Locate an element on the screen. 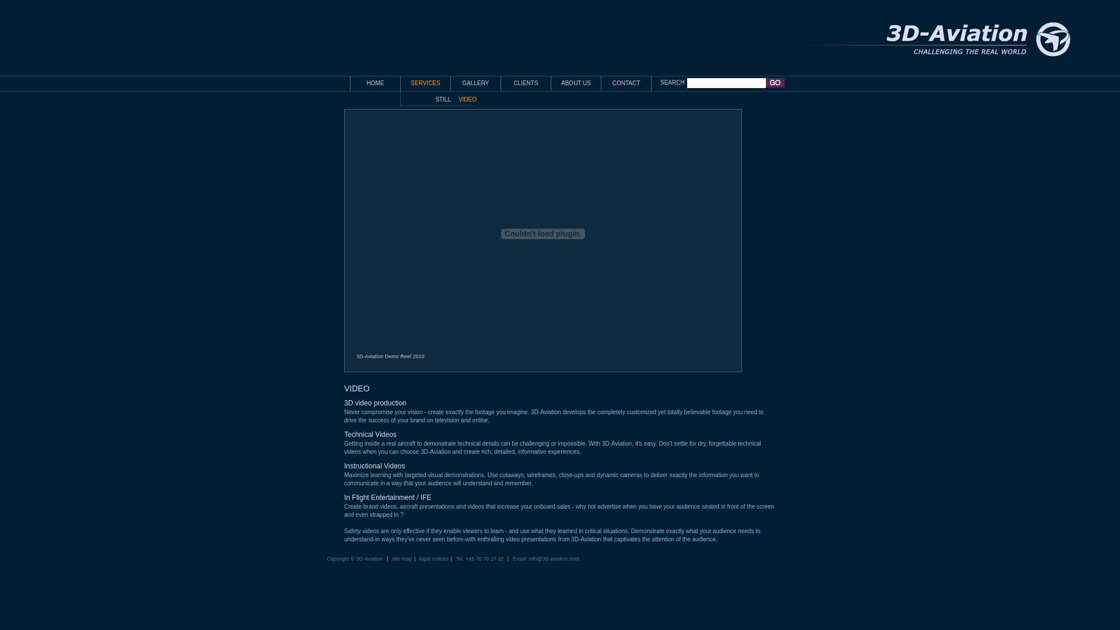 The image size is (1120, 630). 'VIDEO' is located at coordinates (467, 99).